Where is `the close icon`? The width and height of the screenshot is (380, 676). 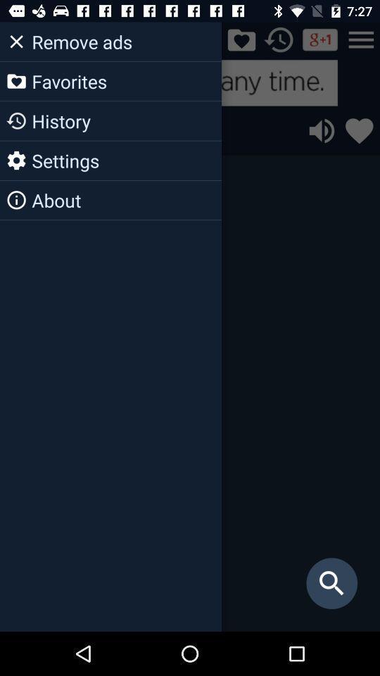
the close icon is located at coordinates (18, 39).